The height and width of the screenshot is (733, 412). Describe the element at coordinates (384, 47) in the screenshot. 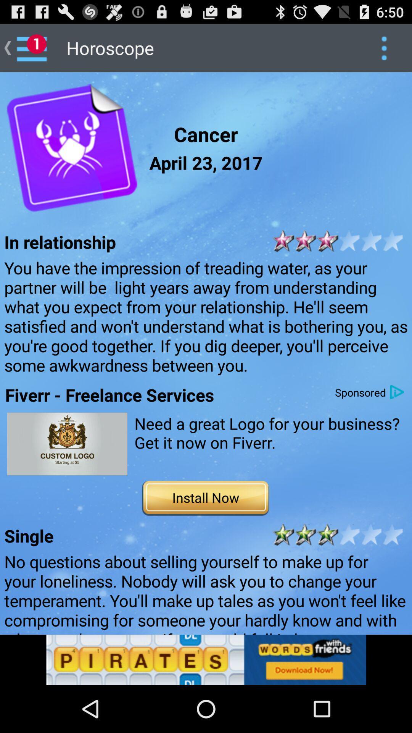

I see `open menu` at that location.